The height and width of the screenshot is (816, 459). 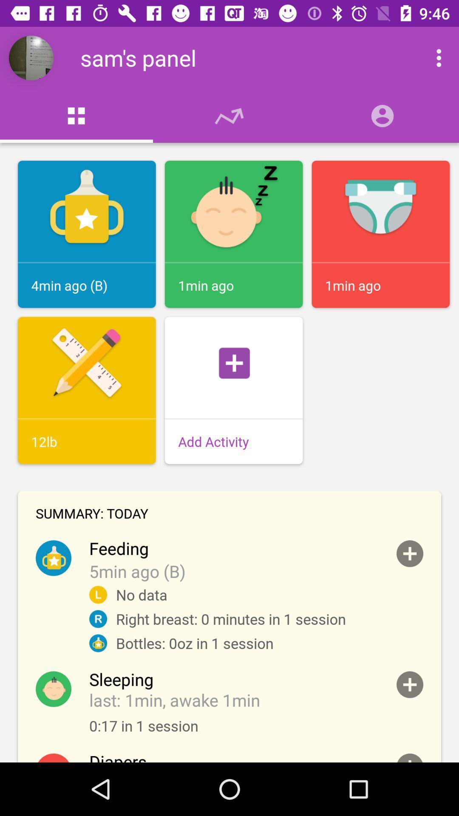 What do you see at coordinates (409, 758) in the screenshot?
I see `to the summary` at bounding box center [409, 758].